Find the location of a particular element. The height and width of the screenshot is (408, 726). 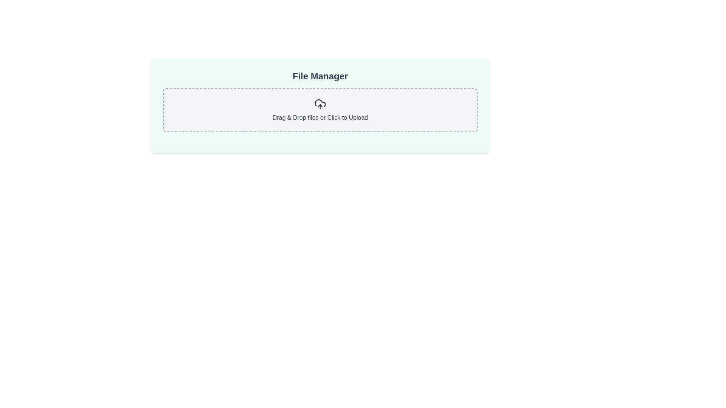

the File upload area located beneath the heading 'File Manager', characterized by its dashed borders and light gray background, which includes a cloud upload icon and the text 'Drag & Drop files or Click to Upload' is located at coordinates (320, 110).